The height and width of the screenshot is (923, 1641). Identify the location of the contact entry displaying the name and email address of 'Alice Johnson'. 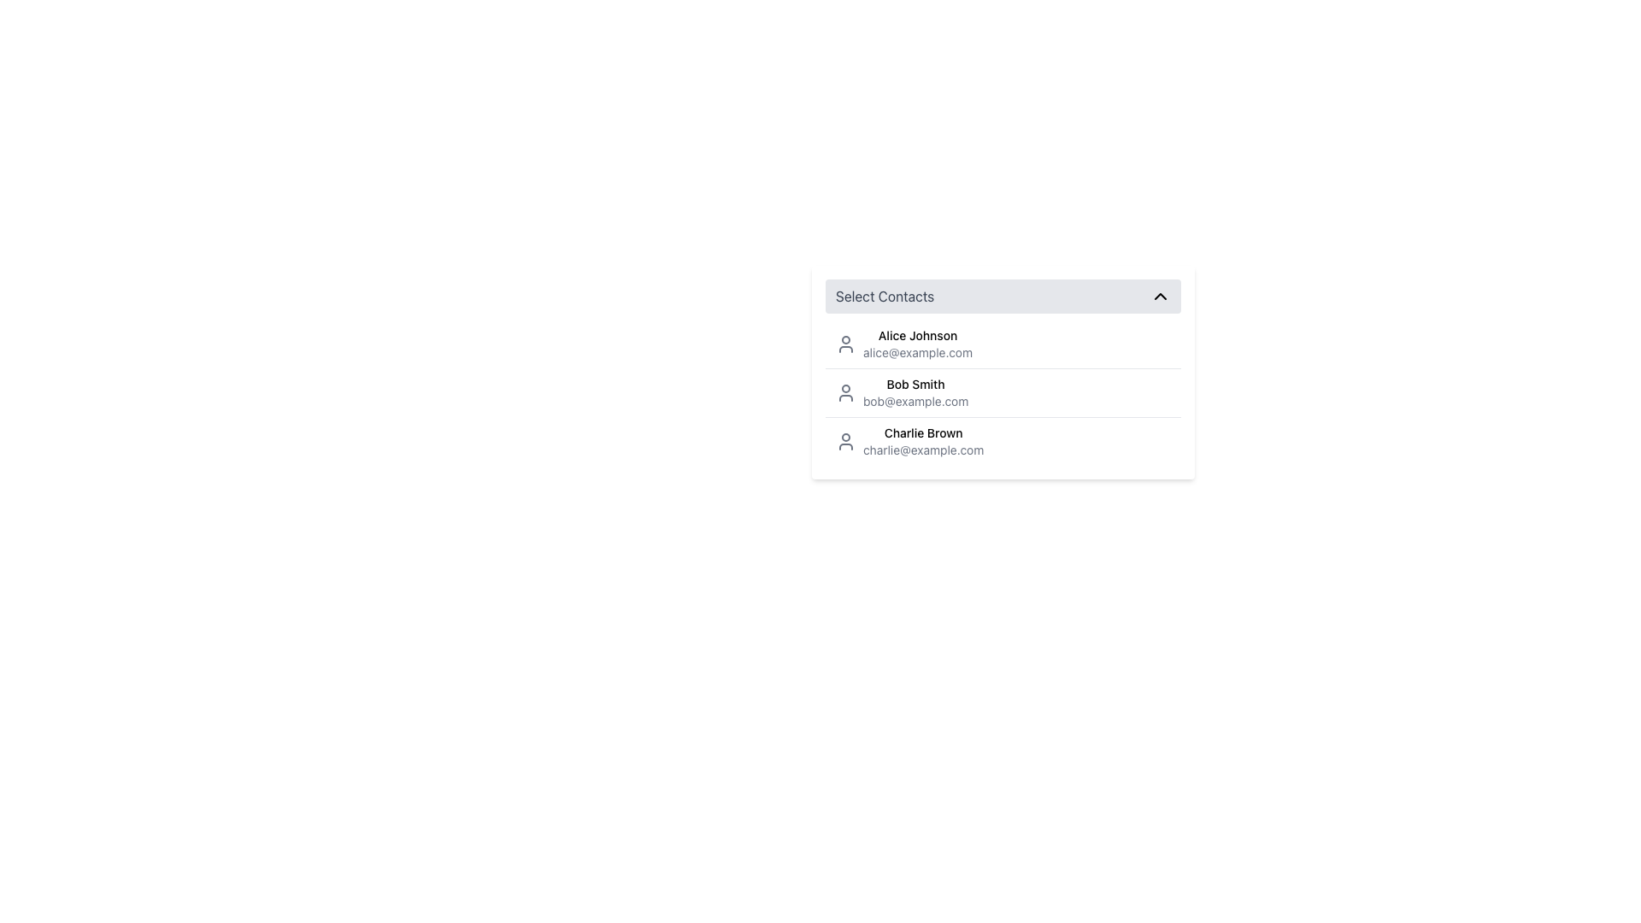
(917, 344).